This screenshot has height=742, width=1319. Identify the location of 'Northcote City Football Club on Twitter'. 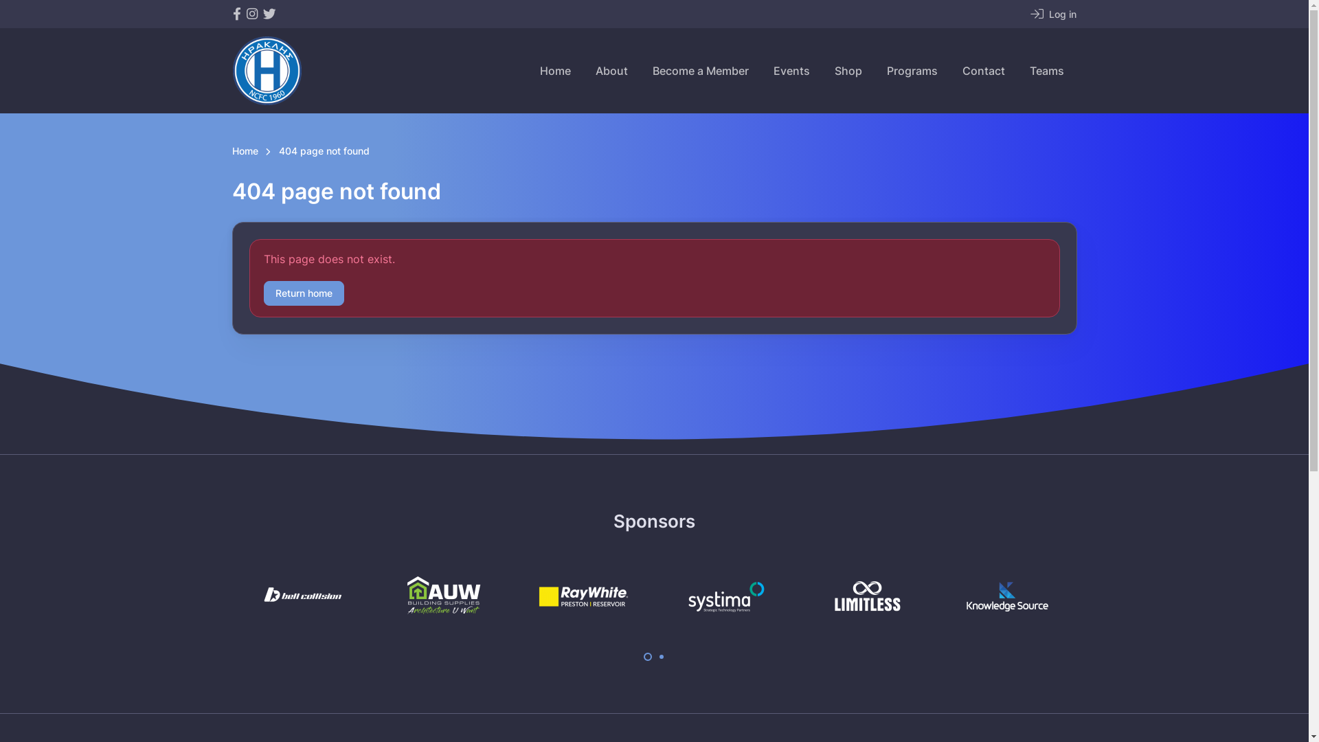
(269, 14).